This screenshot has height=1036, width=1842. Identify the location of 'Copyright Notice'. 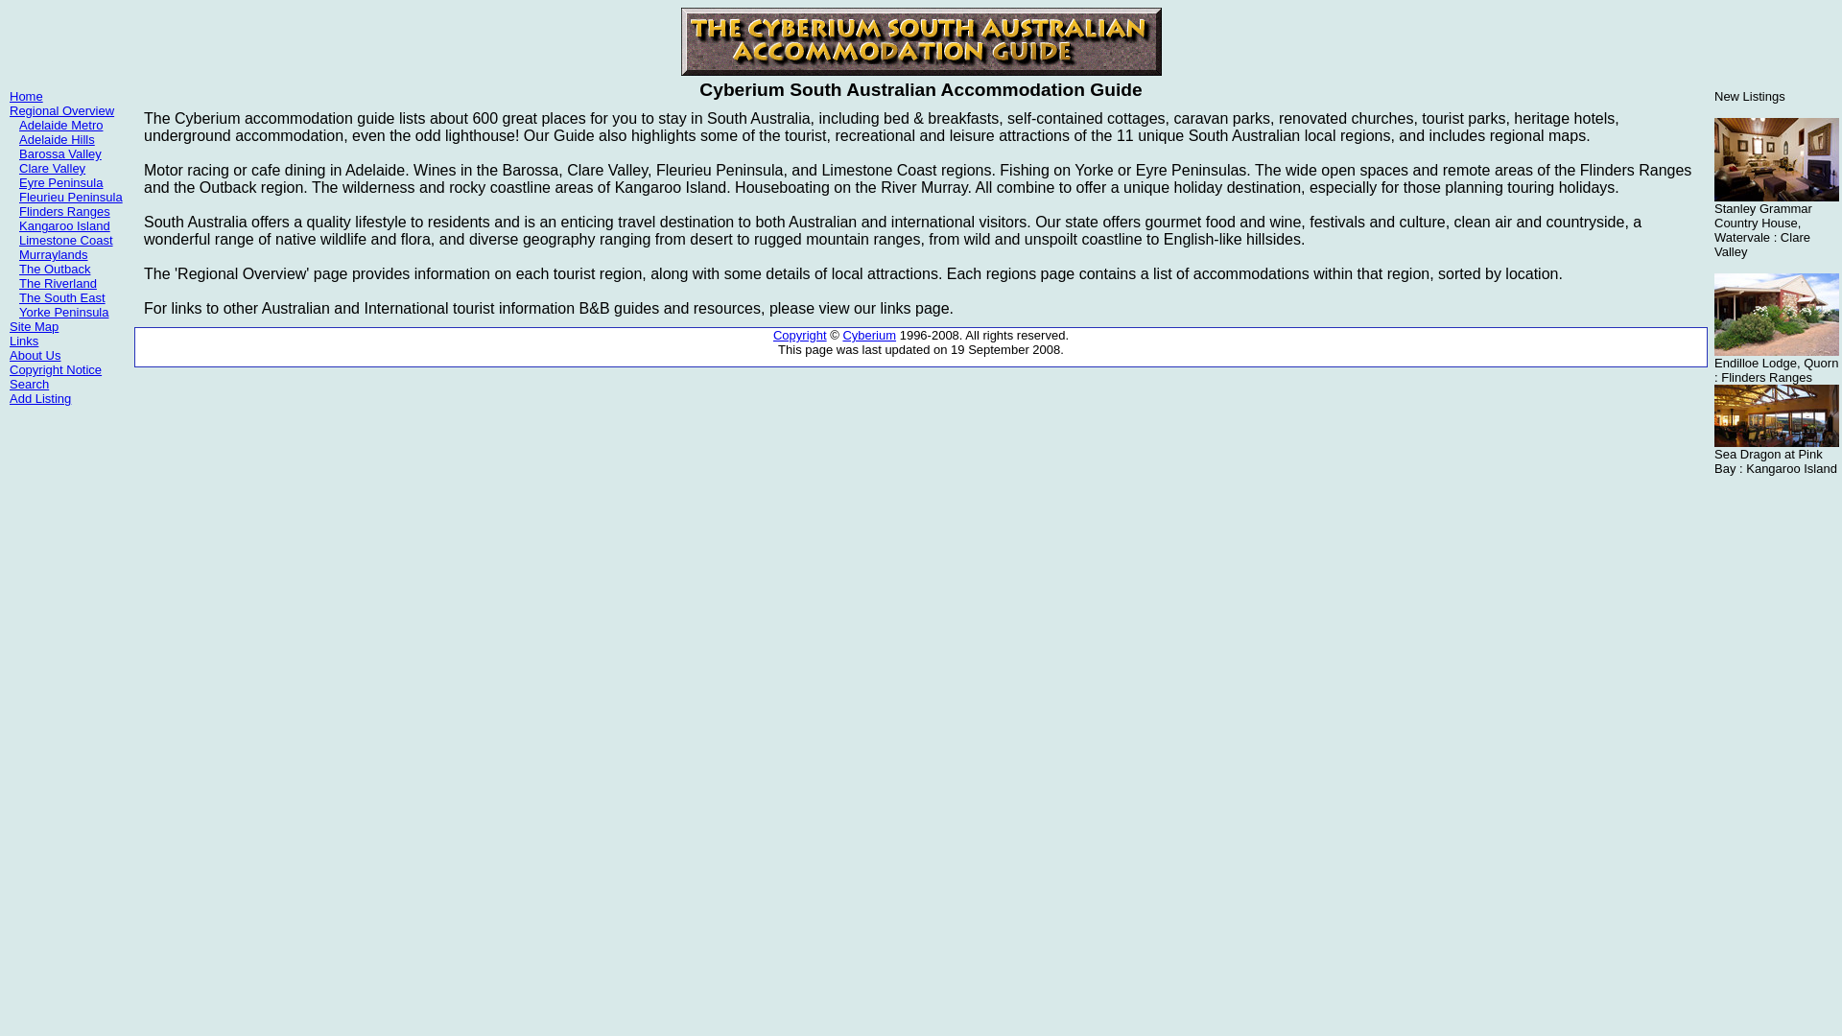
(55, 369).